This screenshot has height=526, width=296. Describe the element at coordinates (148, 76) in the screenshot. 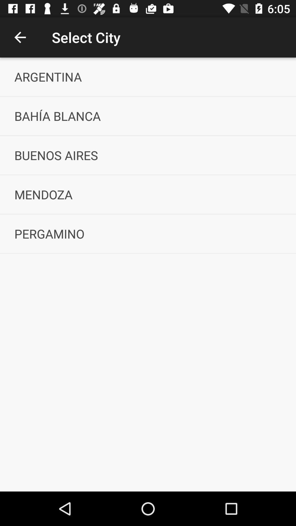

I see `the argentina` at that location.